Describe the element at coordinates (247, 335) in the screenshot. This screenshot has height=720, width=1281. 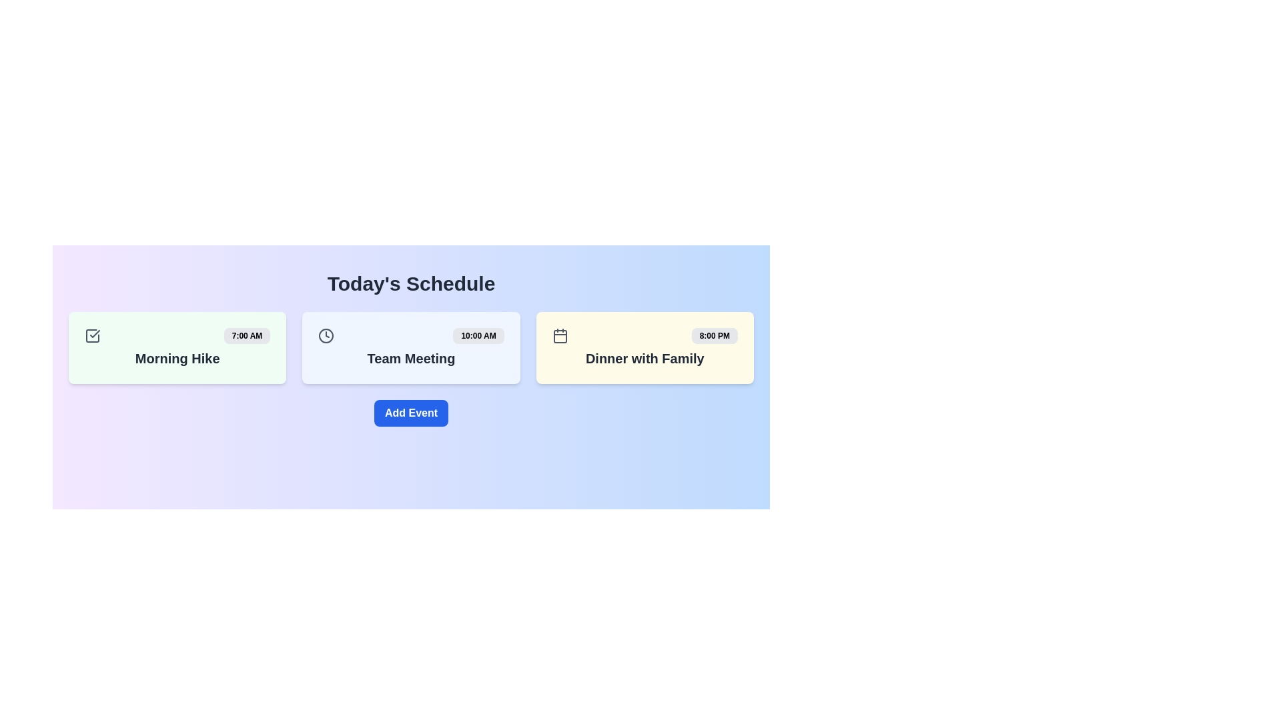
I see `the text label displaying '7:00 AM' located in the top-right corner of the 'Morning Hike' card` at that location.